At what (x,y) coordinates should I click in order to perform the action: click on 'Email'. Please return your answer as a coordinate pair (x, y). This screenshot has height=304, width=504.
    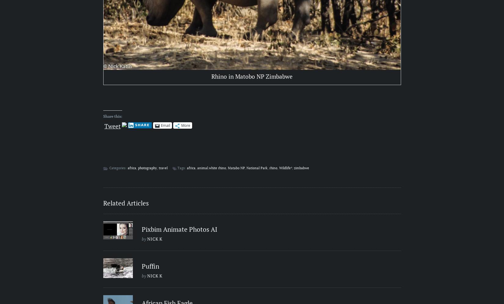
    Looking at the image, I should click on (165, 125).